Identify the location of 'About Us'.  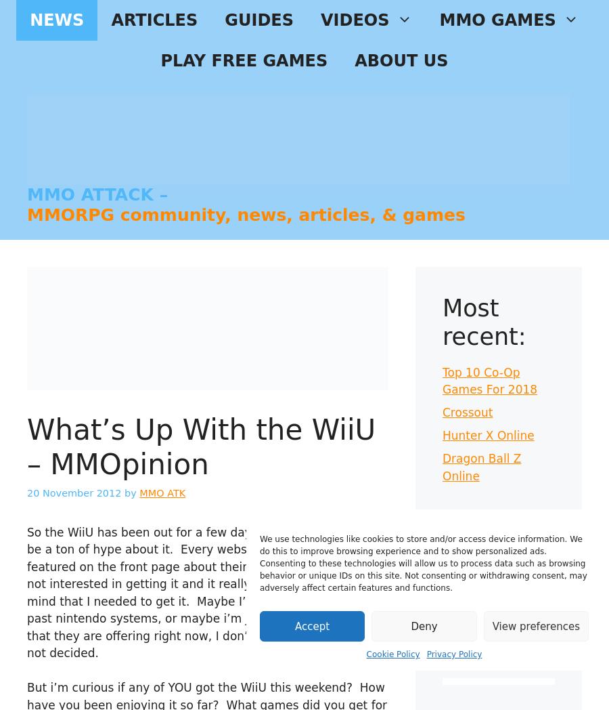
(401, 60).